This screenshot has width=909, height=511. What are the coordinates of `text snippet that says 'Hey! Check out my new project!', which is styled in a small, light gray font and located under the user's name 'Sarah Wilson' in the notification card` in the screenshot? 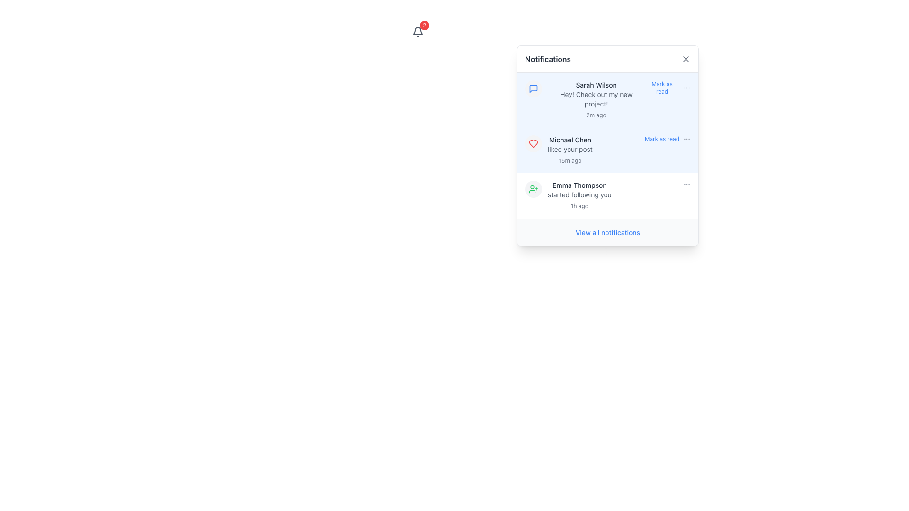 It's located at (596, 99).